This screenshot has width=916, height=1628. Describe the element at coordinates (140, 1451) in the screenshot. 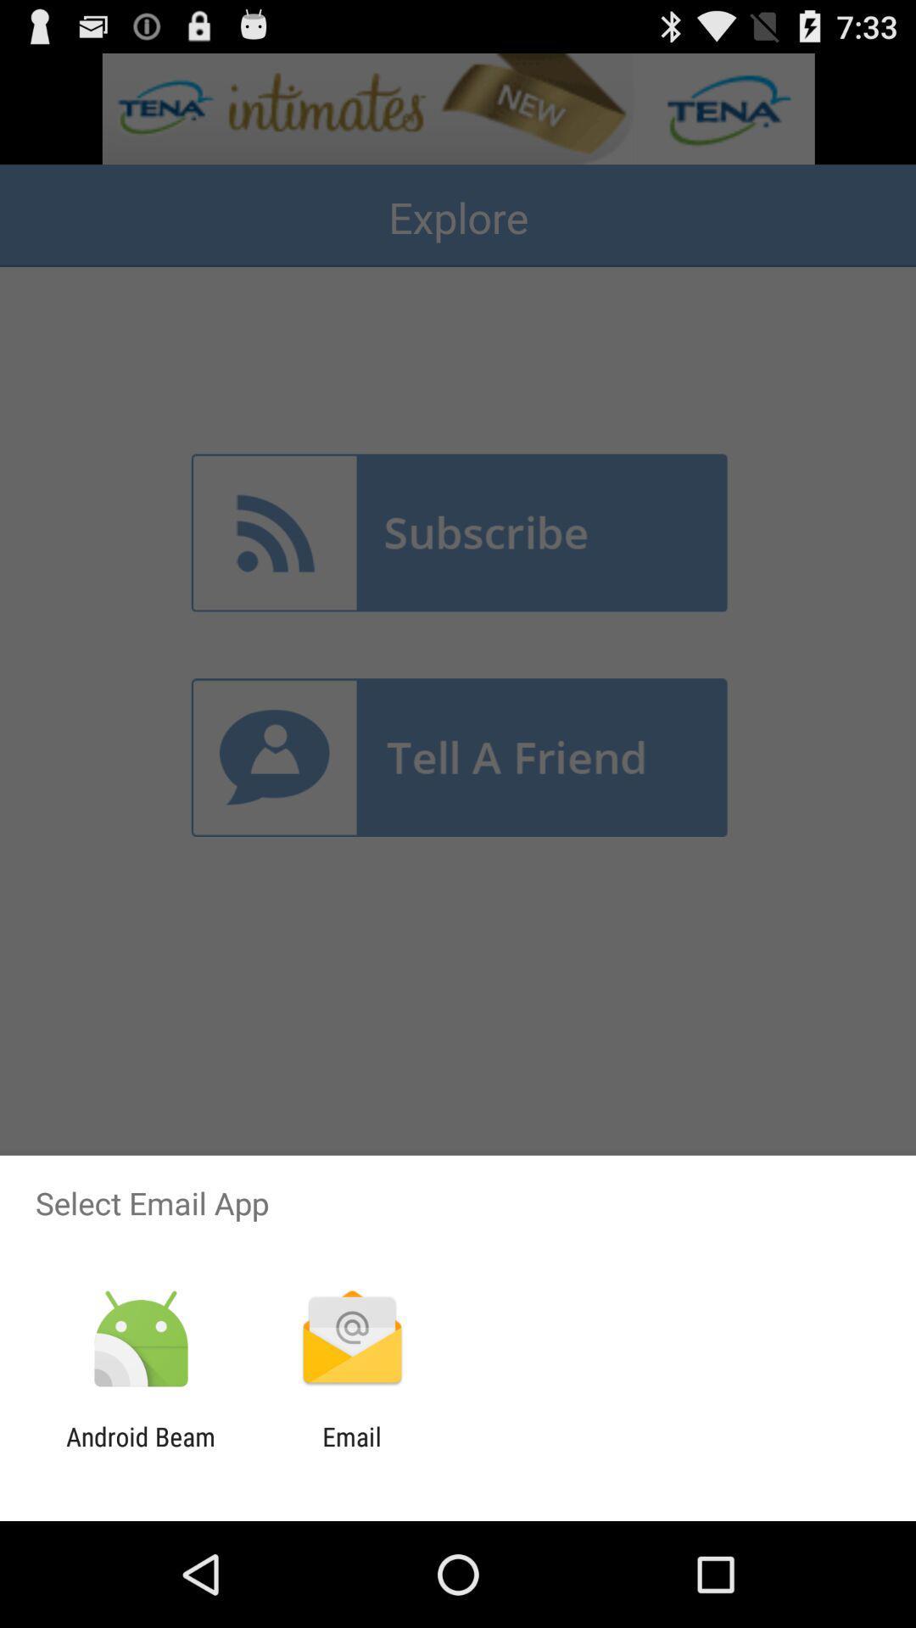

I see `the android beam app` at that location.